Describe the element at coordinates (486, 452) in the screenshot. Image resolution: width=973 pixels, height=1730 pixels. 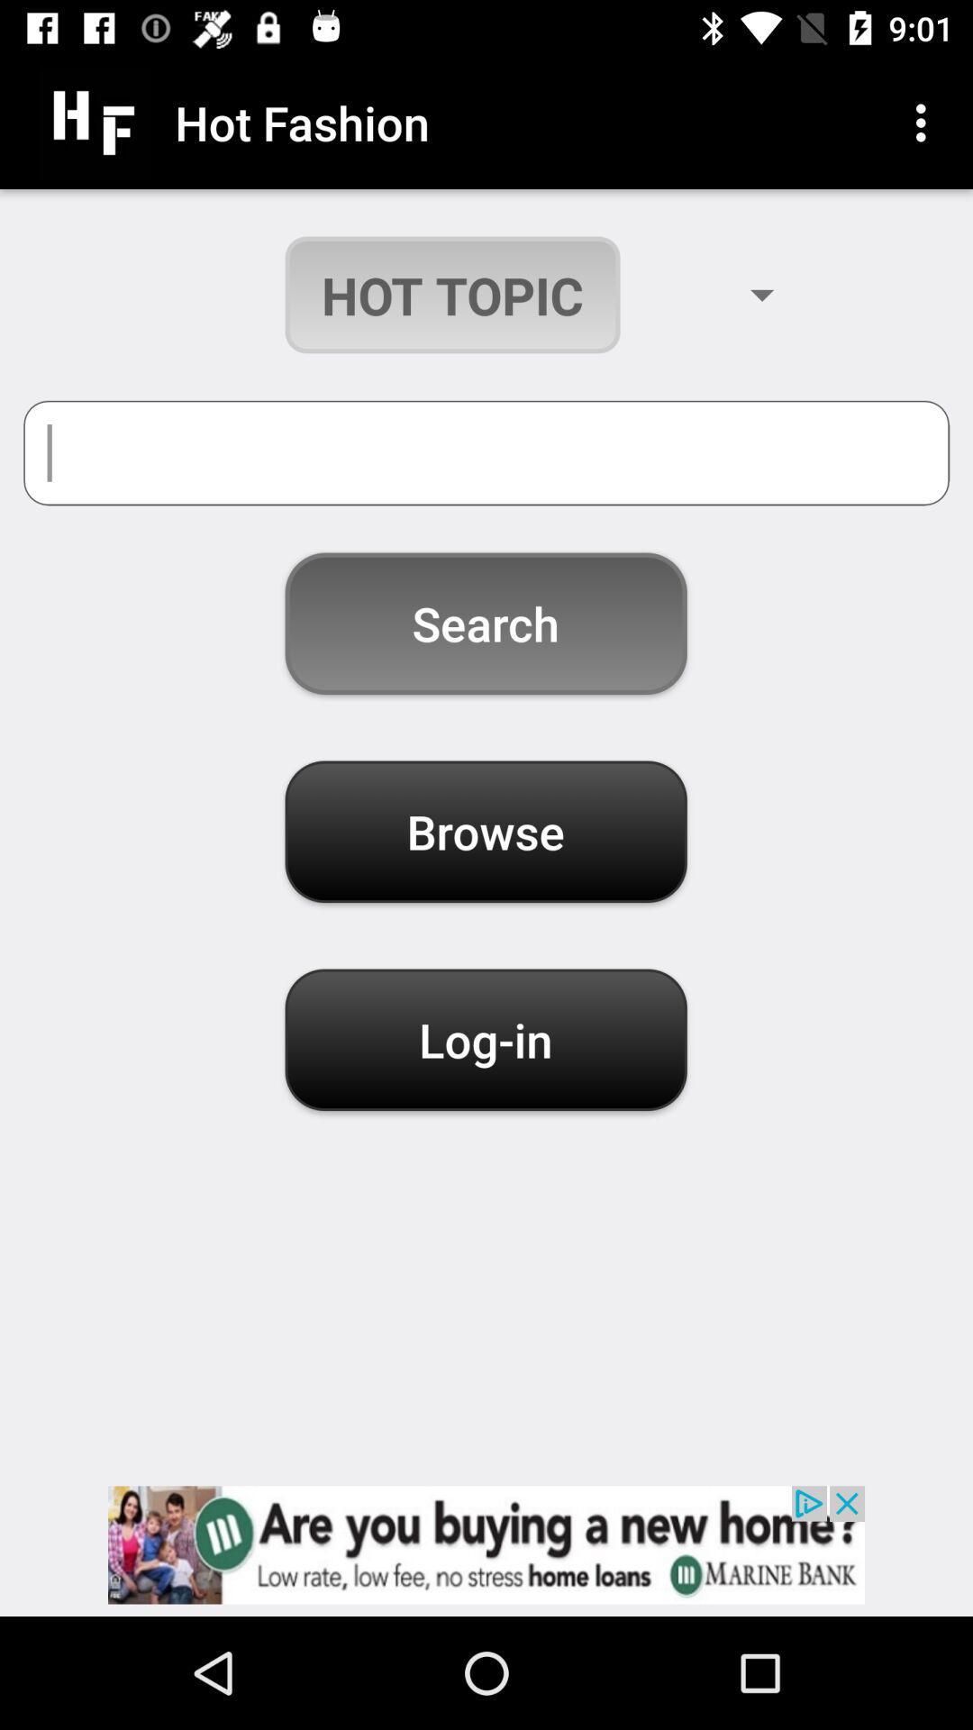
I see `topic bar` at that location.